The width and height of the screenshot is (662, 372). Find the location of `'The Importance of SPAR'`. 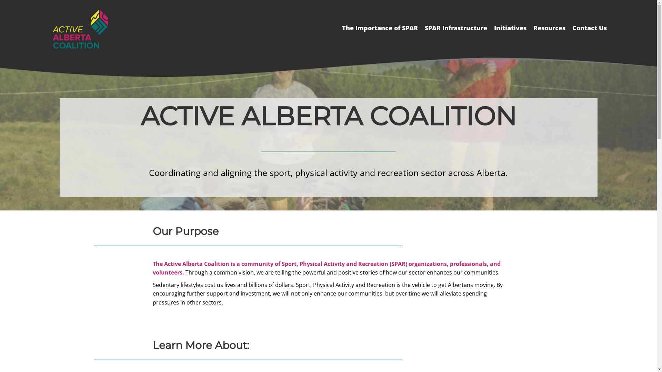

'The Importance of SPAR' is located at coordinates (380, 28).